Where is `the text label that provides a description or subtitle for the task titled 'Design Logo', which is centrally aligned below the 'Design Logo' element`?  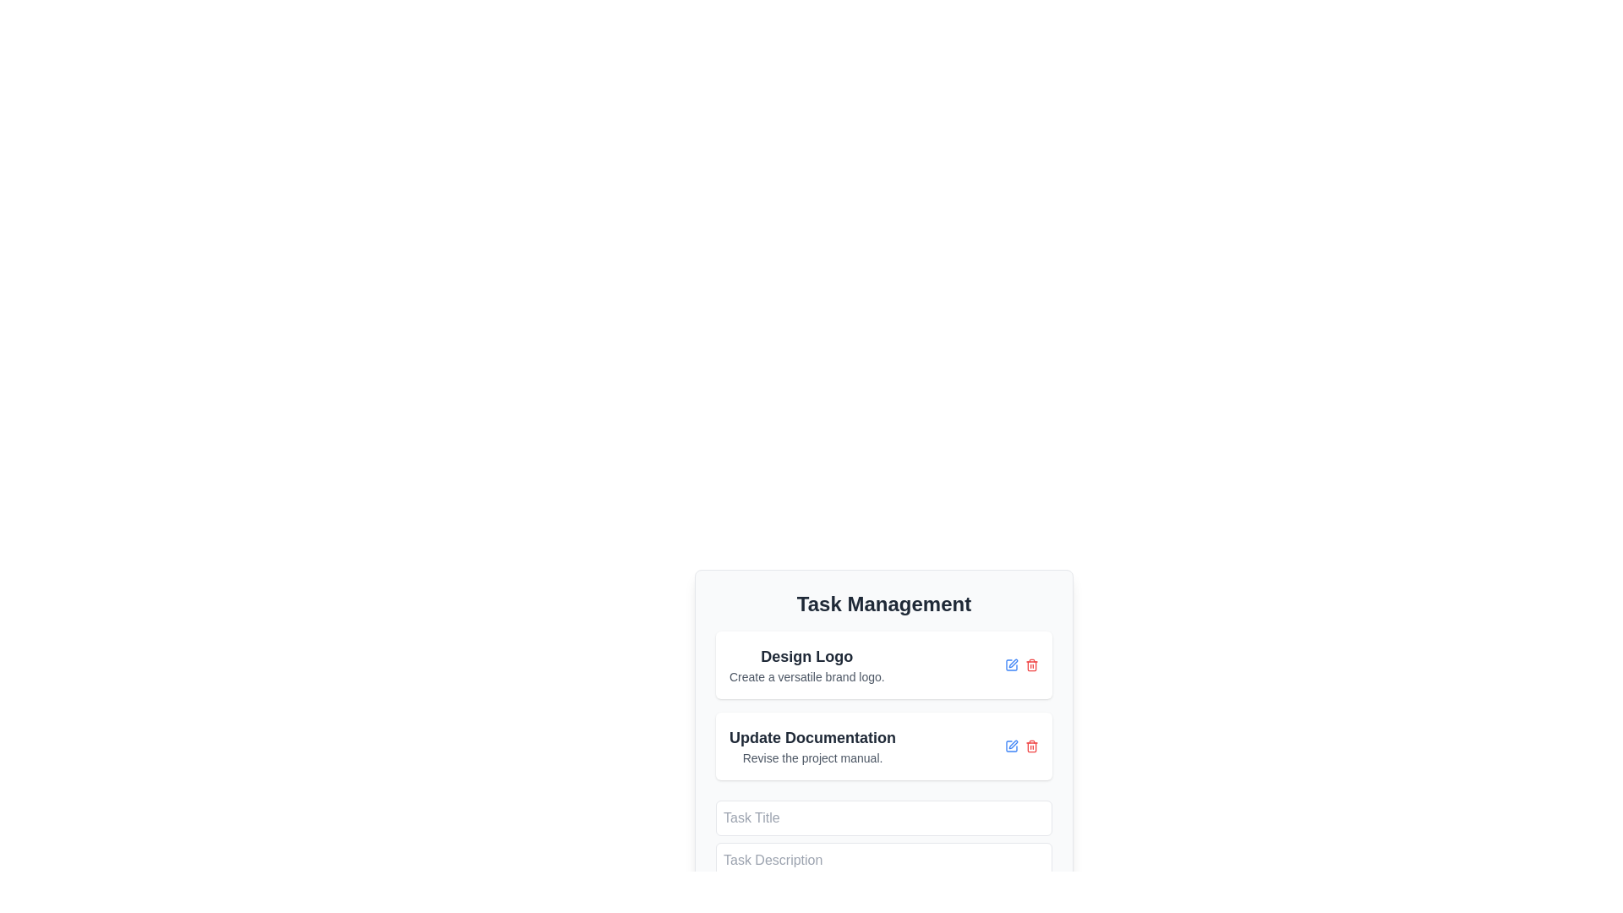 the text label that provides a description or subtitle for the task titled 'Design Logo', which is centrally aligned below the 'Design Logo' element is located at coordinates (806, 676).